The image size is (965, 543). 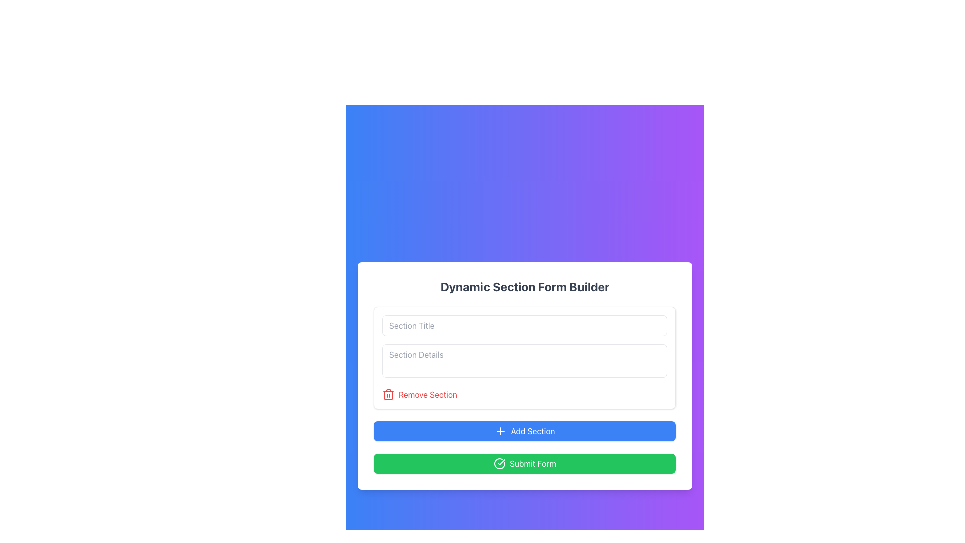 I want to click on the 'Submit Form' button which contains a circular SVG icon with a checkmark indicating success, located next to the text label 'Submit Form', so click(x=499, y=463).